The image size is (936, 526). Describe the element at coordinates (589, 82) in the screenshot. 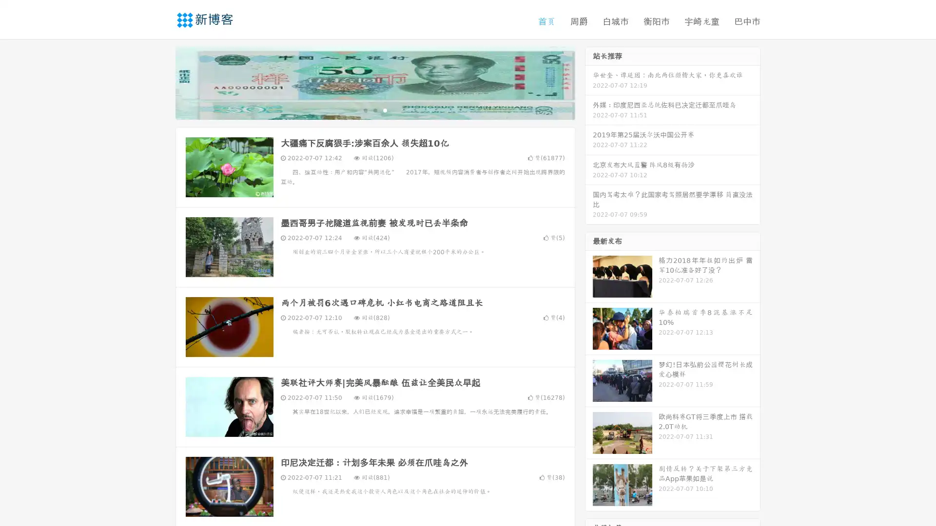

I see `Next slide` at that location.